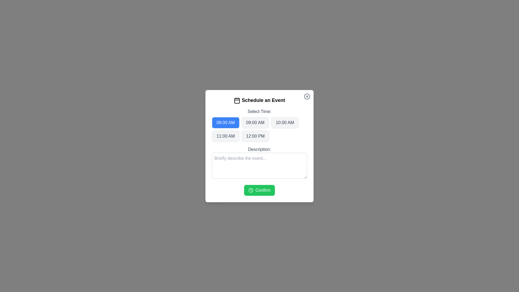 The height and width of the screenshot is (292, 519). Describe the element at coordinates (259, 190) in the screenshot. I see `the confirmation button located at the bottom center of the modal dialog to observe any hover effects` at that location.